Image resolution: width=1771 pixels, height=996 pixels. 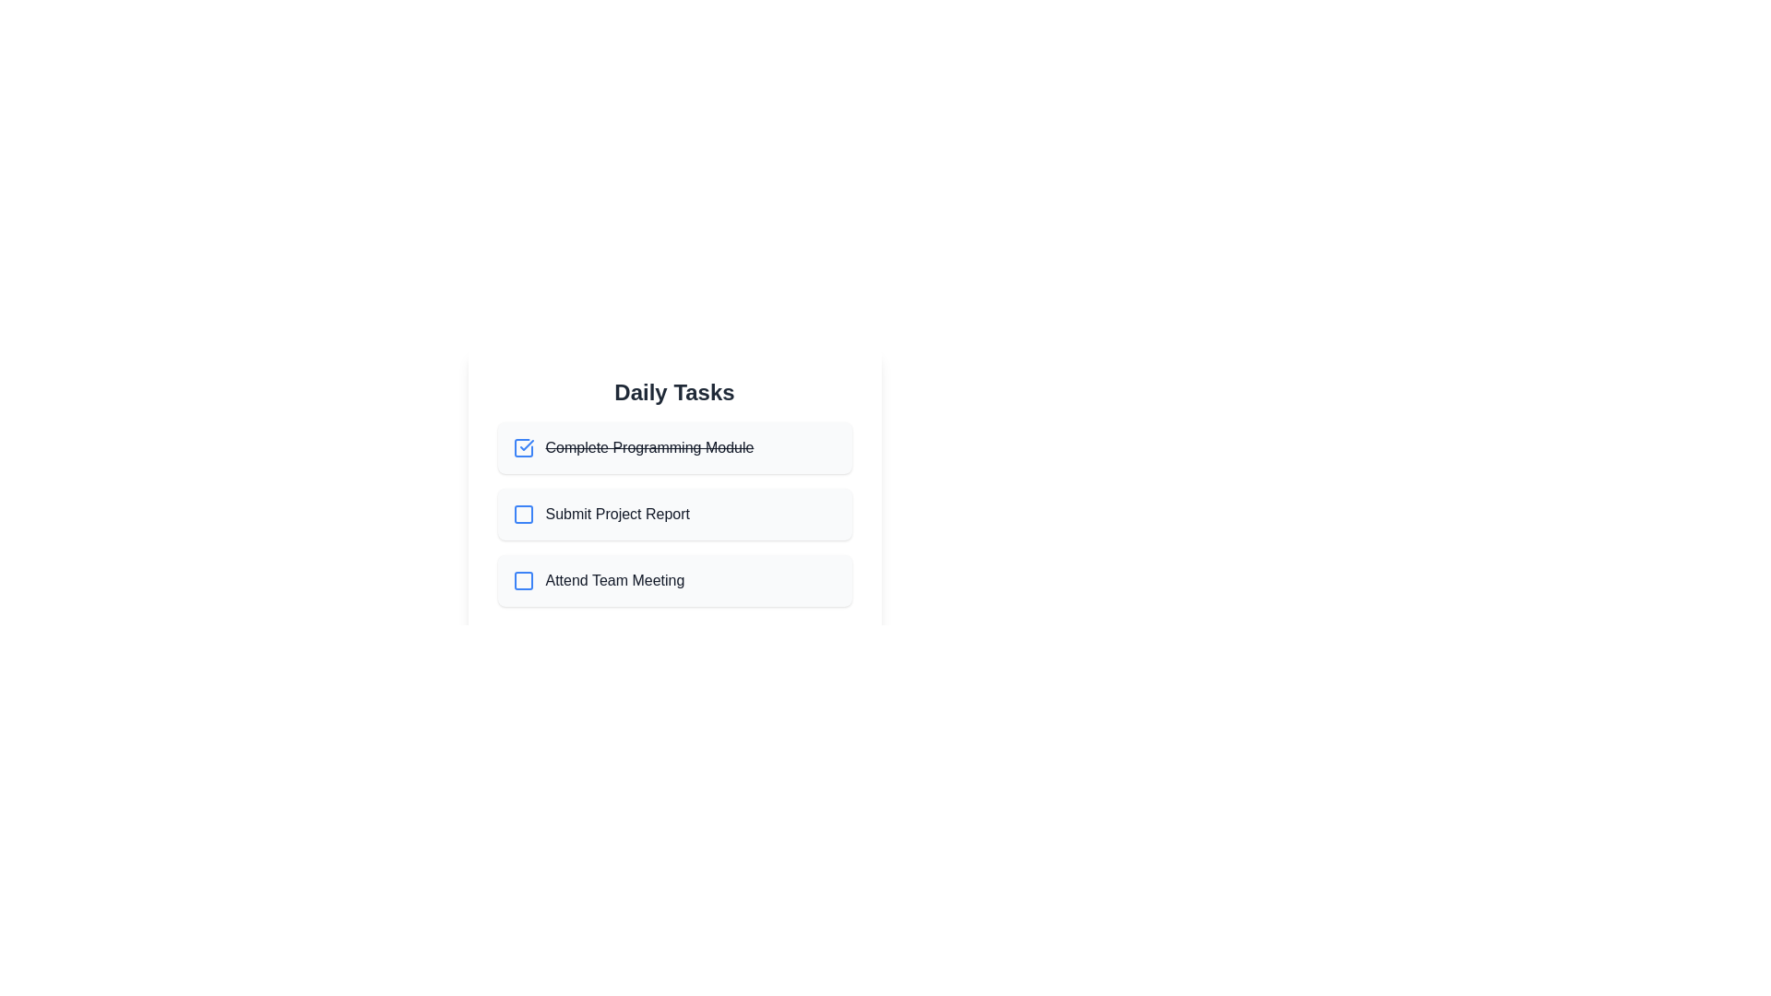 I want to click on the third list item with a checkbox in the 'Daily Tasks' section, so click(x=673, y=579).